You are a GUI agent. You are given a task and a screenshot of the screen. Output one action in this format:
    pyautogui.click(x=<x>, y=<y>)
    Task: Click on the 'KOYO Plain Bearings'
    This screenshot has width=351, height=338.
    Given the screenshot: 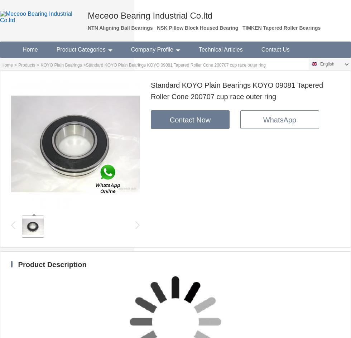 What is the action you would take?
    pyautogui.click(x=61, y=65)
    